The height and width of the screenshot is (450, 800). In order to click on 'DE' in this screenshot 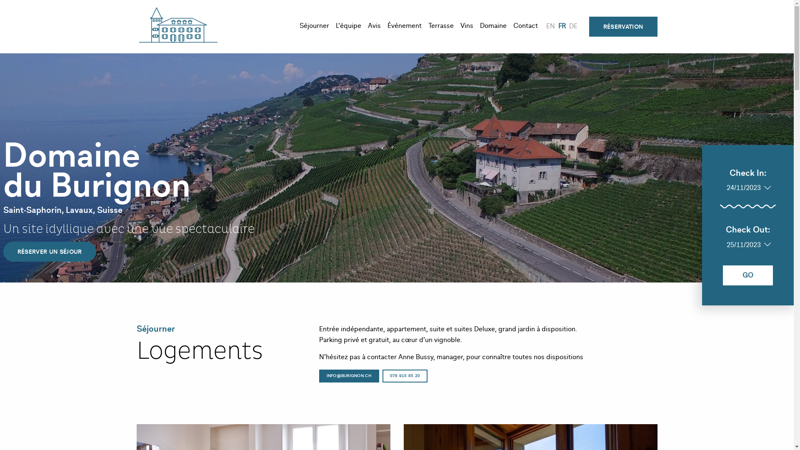, I will do `click(573, 26)`.